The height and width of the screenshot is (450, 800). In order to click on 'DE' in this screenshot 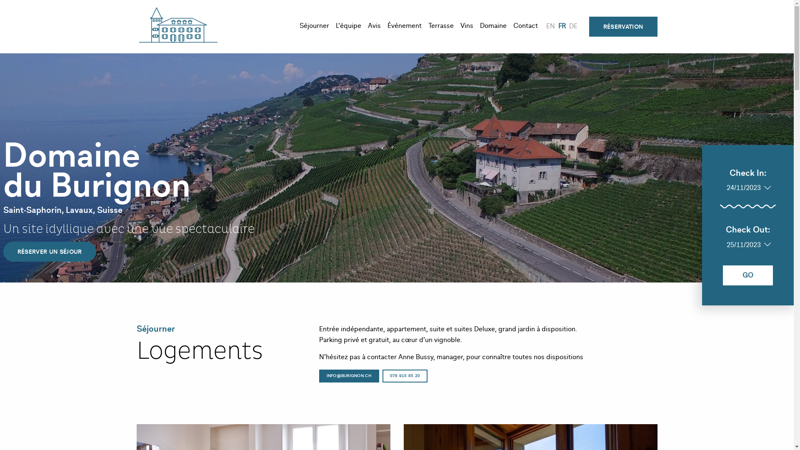, I will do `click(573, 26)`.